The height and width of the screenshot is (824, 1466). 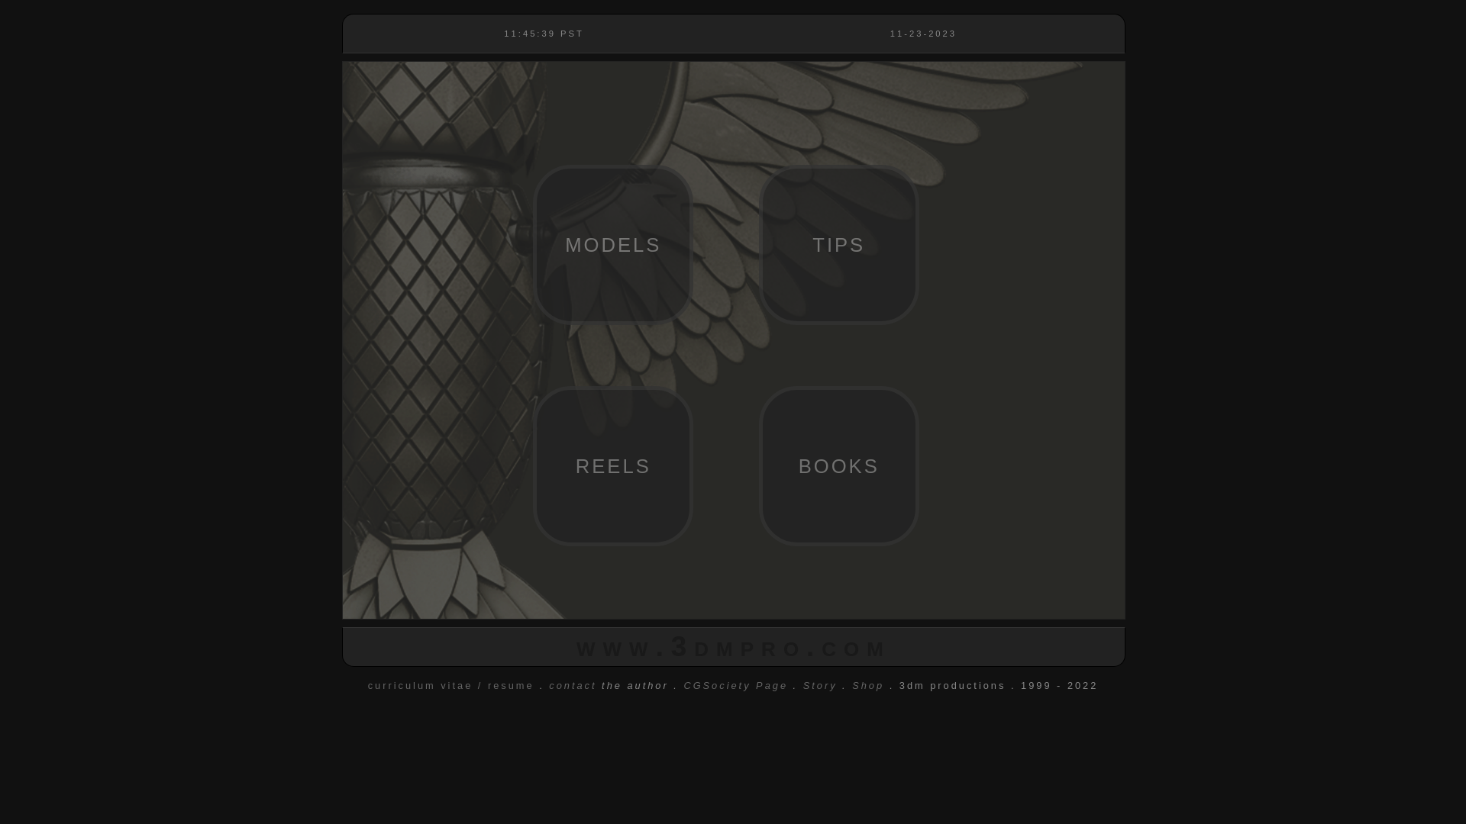 I want to click on 'CGSociety Page', so click(x=735, y=684).